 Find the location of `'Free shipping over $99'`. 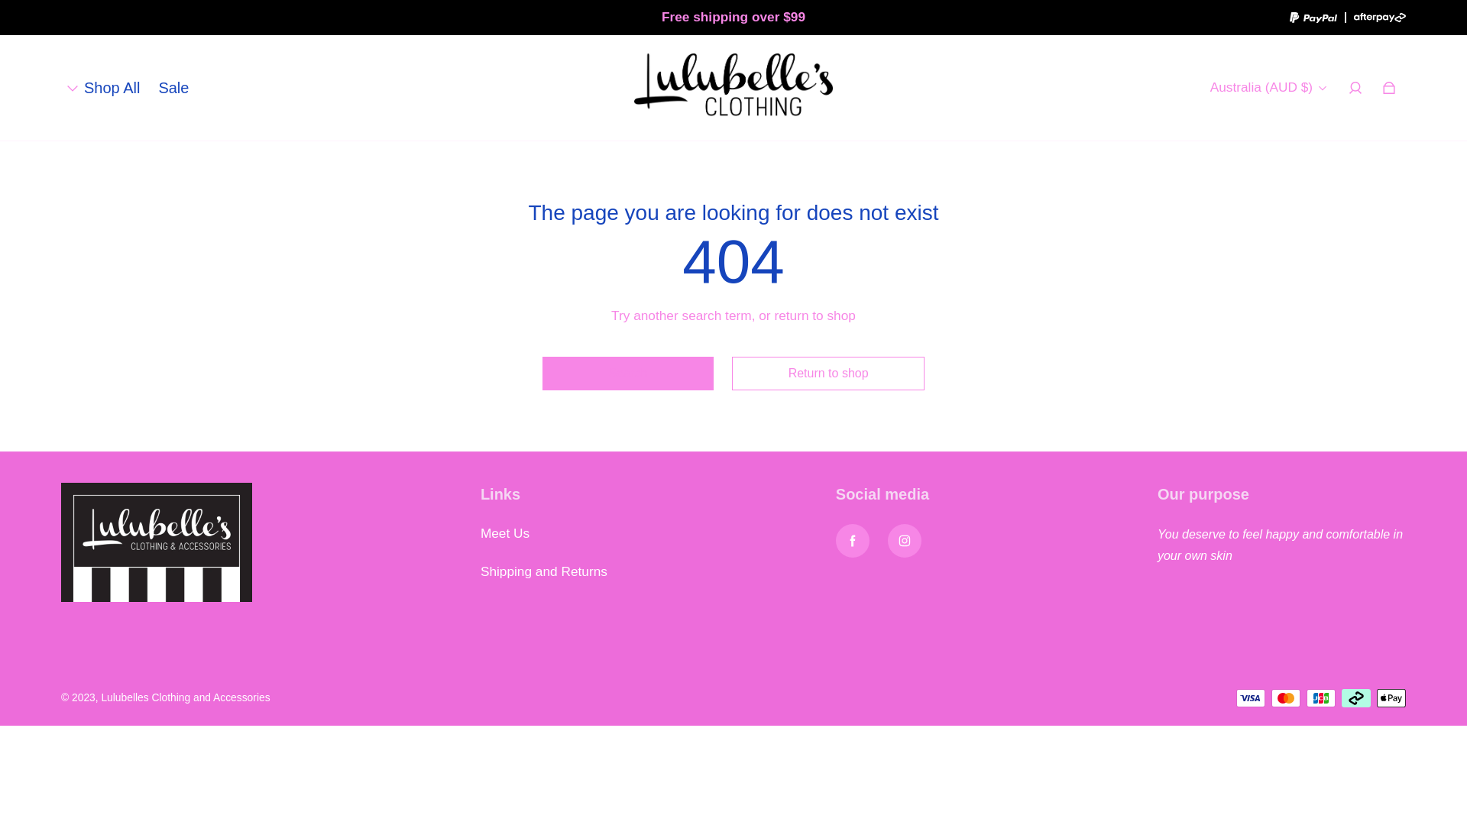

'Free shipping over $99' is located at coordinates (733, 18).